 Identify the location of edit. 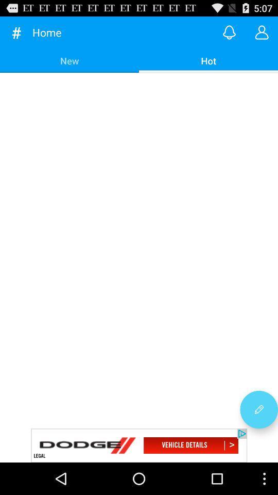
(258, 409).